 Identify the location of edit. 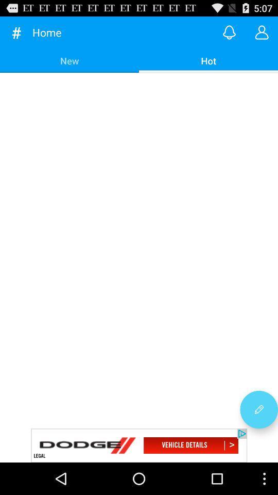
(258, 409).